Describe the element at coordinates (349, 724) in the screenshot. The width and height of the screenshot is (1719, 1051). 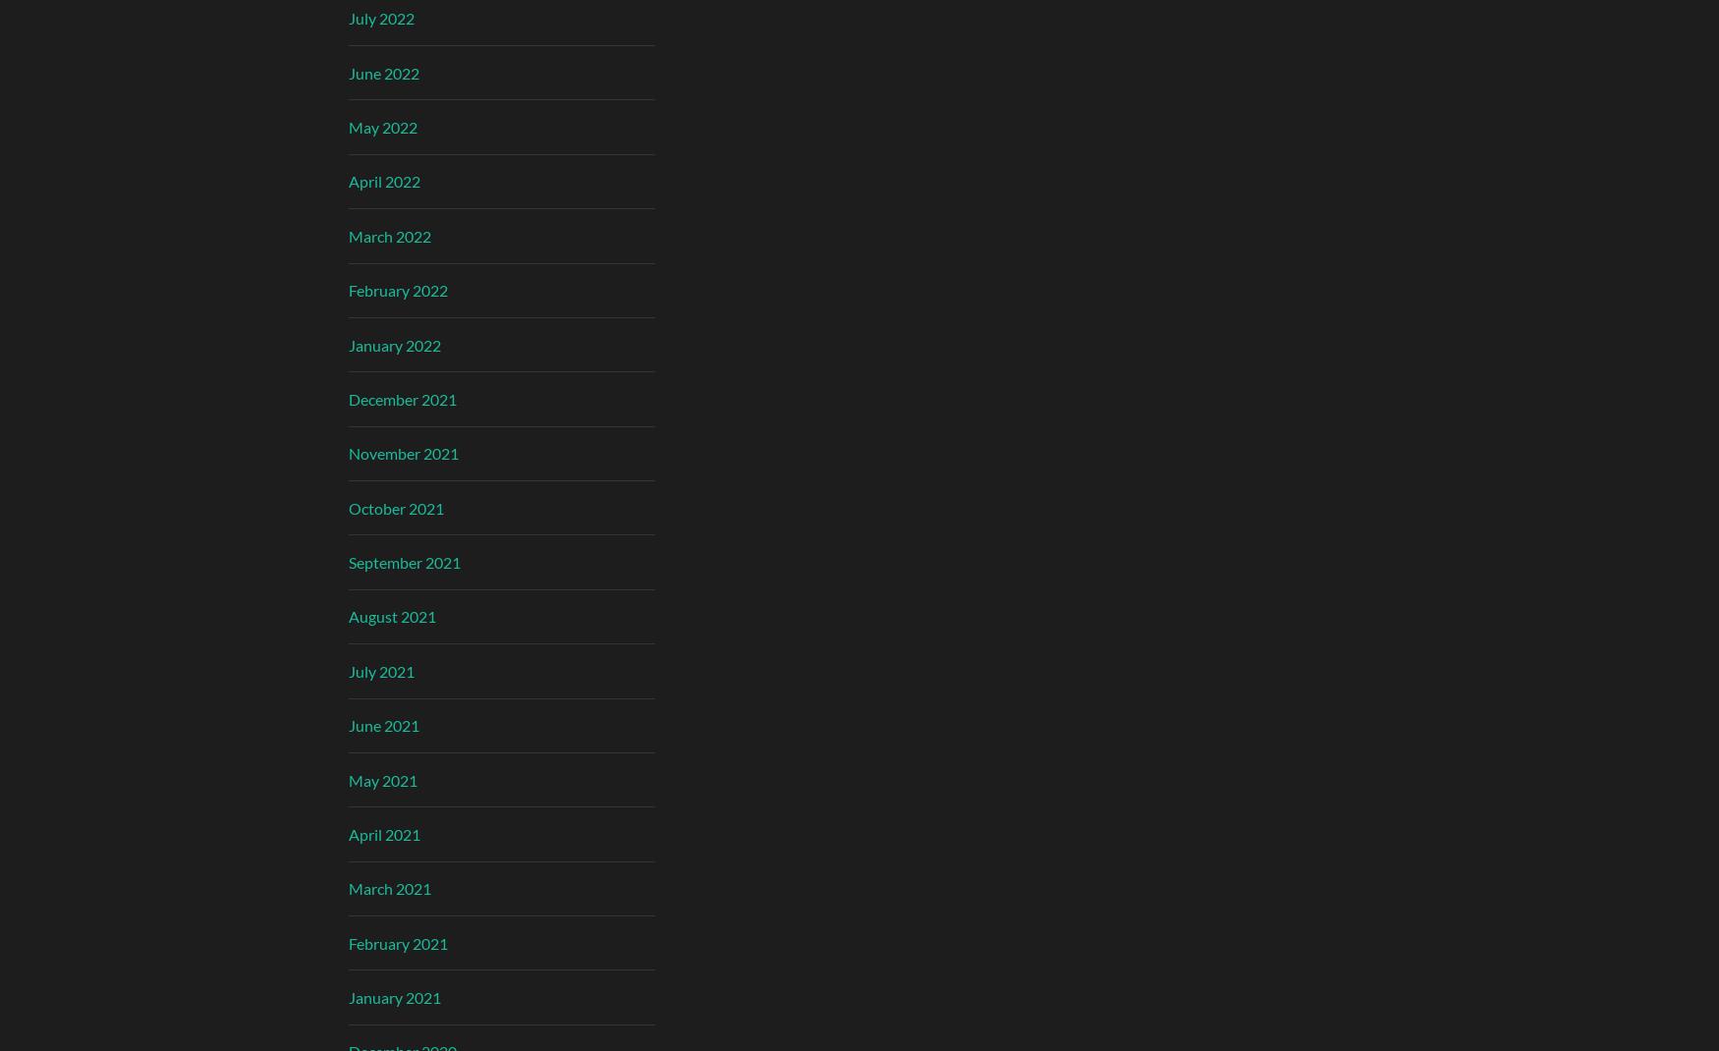
I see `'June 2021'` at that location.